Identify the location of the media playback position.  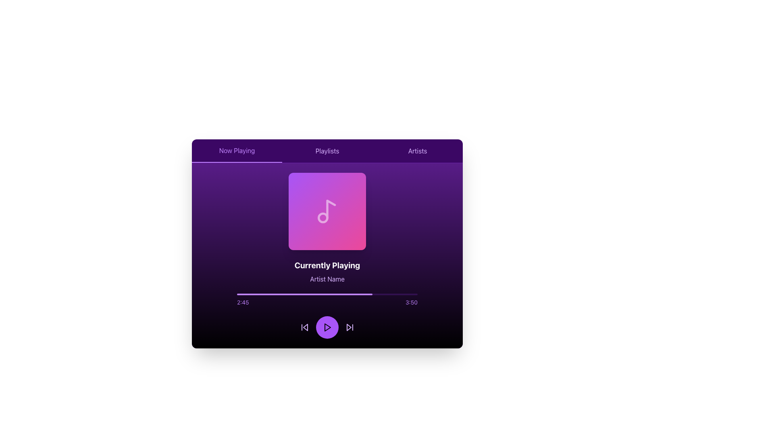
(366, 294).